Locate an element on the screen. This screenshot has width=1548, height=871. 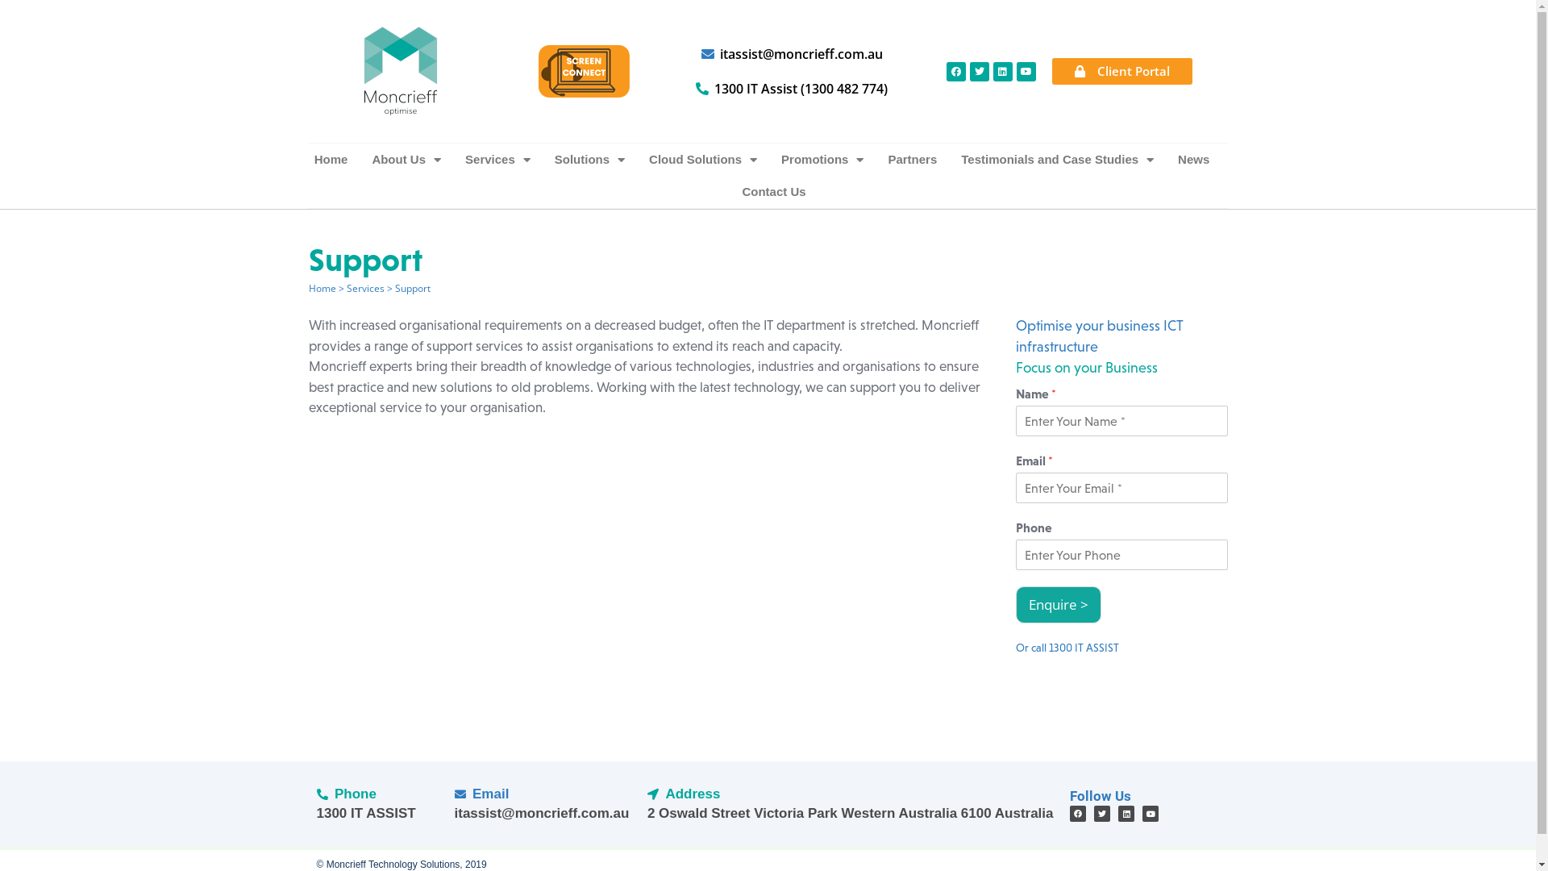
'Cloud Solutions' is located at coordinates (703, 159).